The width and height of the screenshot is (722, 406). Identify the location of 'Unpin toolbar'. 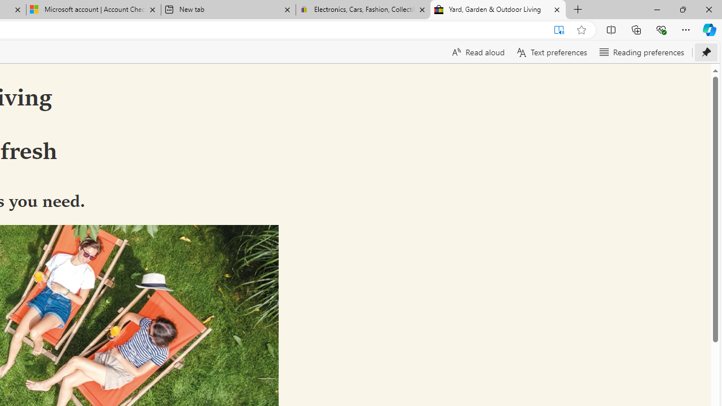
(706, 52).